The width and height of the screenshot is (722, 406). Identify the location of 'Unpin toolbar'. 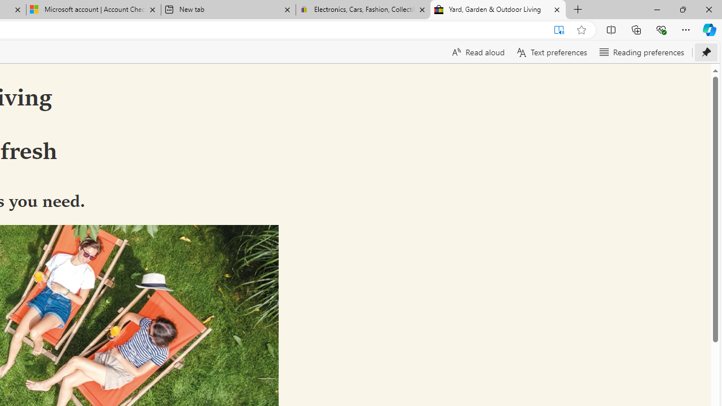
(706, 52).